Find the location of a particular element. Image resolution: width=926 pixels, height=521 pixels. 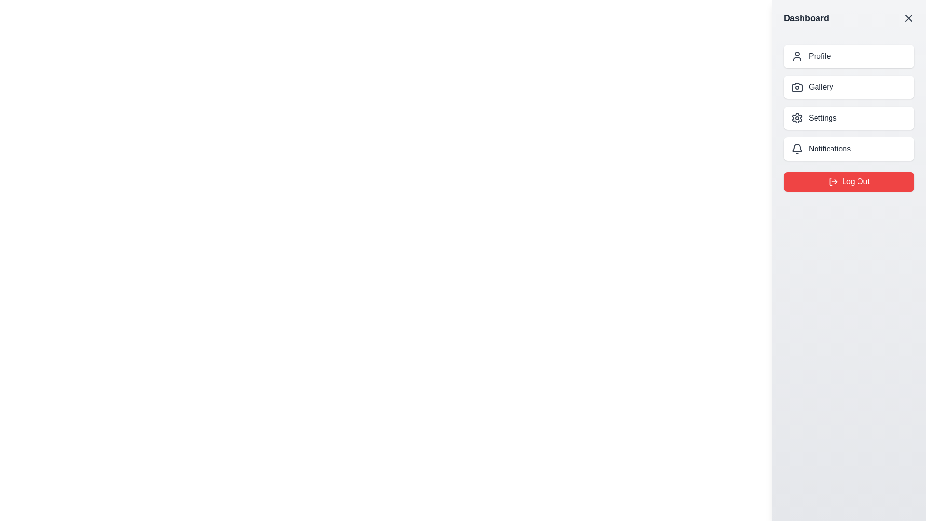

the small 'X' icon button located at the top-right corner of the sidebar for visual feedback is located at coordinates (908, 18).